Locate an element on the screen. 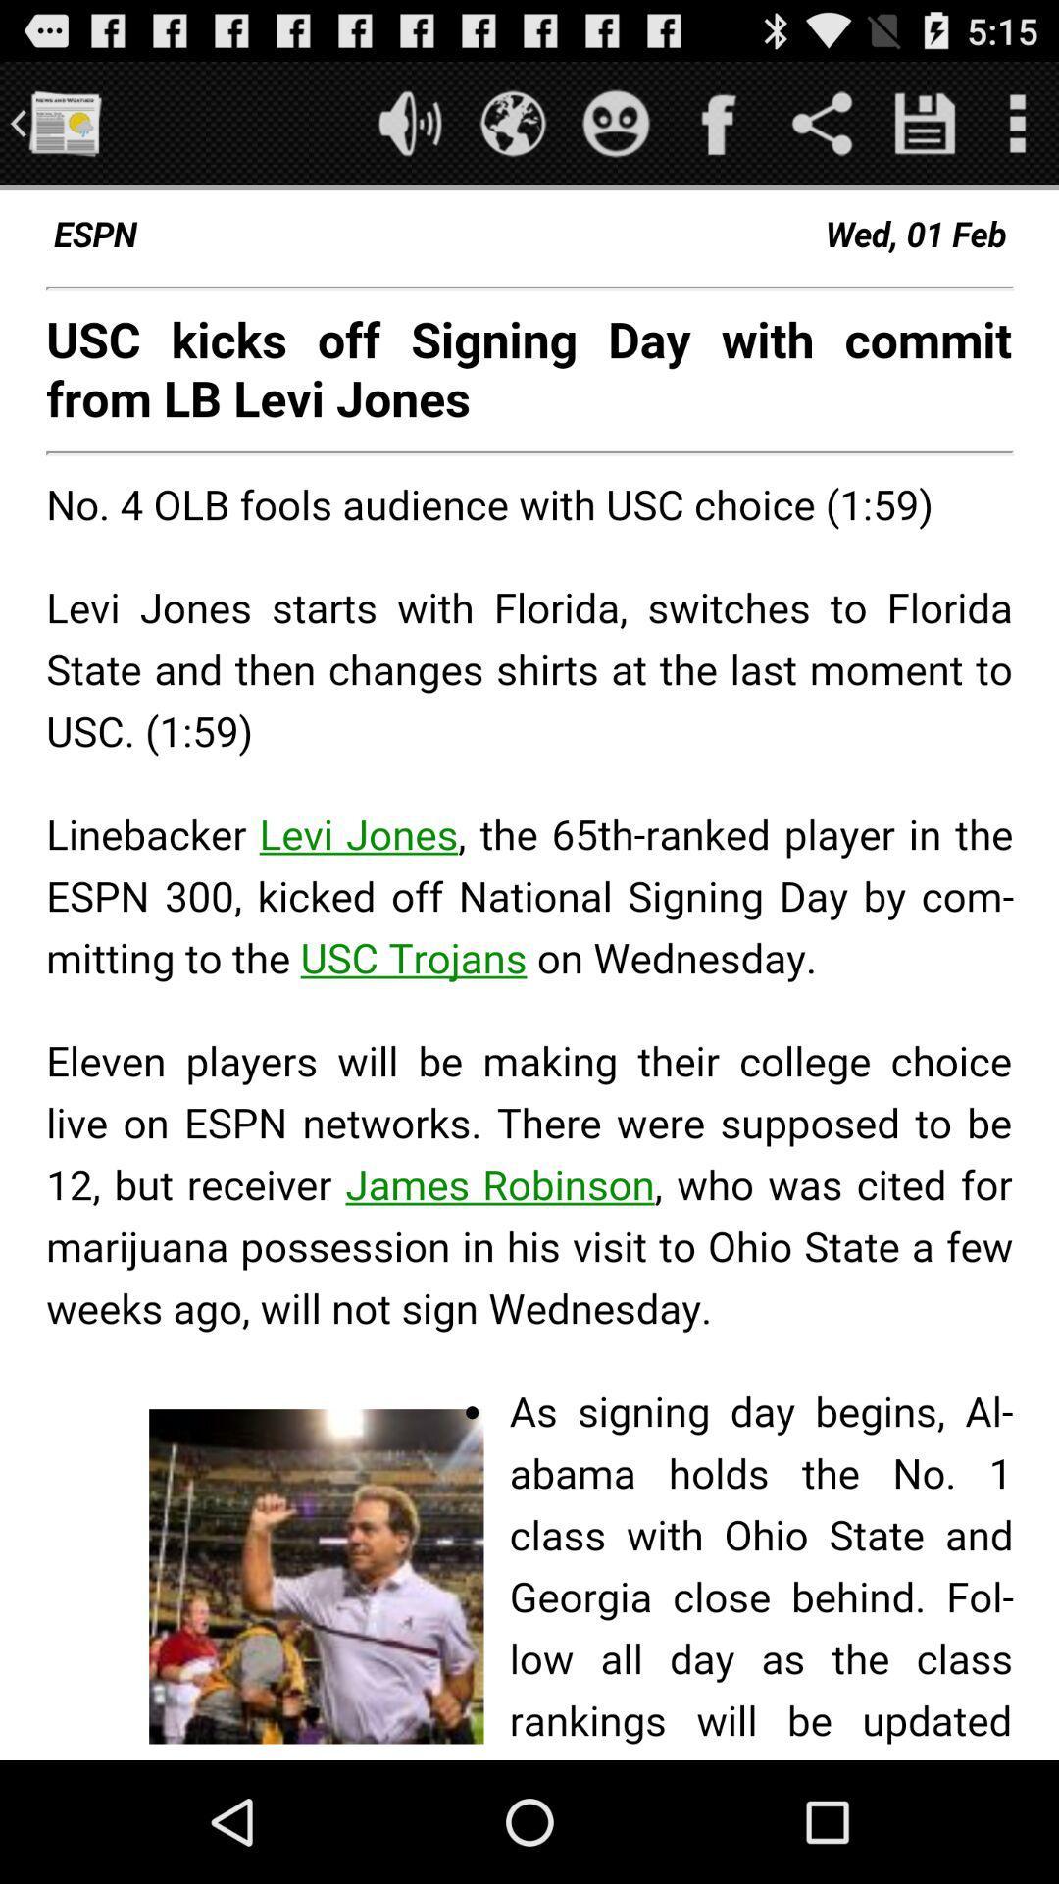 This screenshot has height=1884, width=1059. page button is located at coordinates (925, 122).